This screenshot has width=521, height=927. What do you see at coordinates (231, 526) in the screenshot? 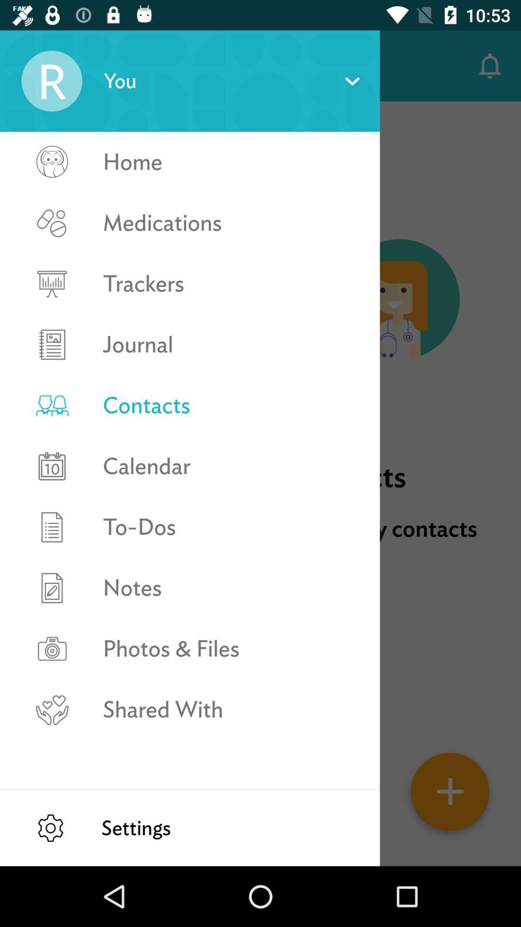
I see `to-dos` at bounding box center [231, 526].